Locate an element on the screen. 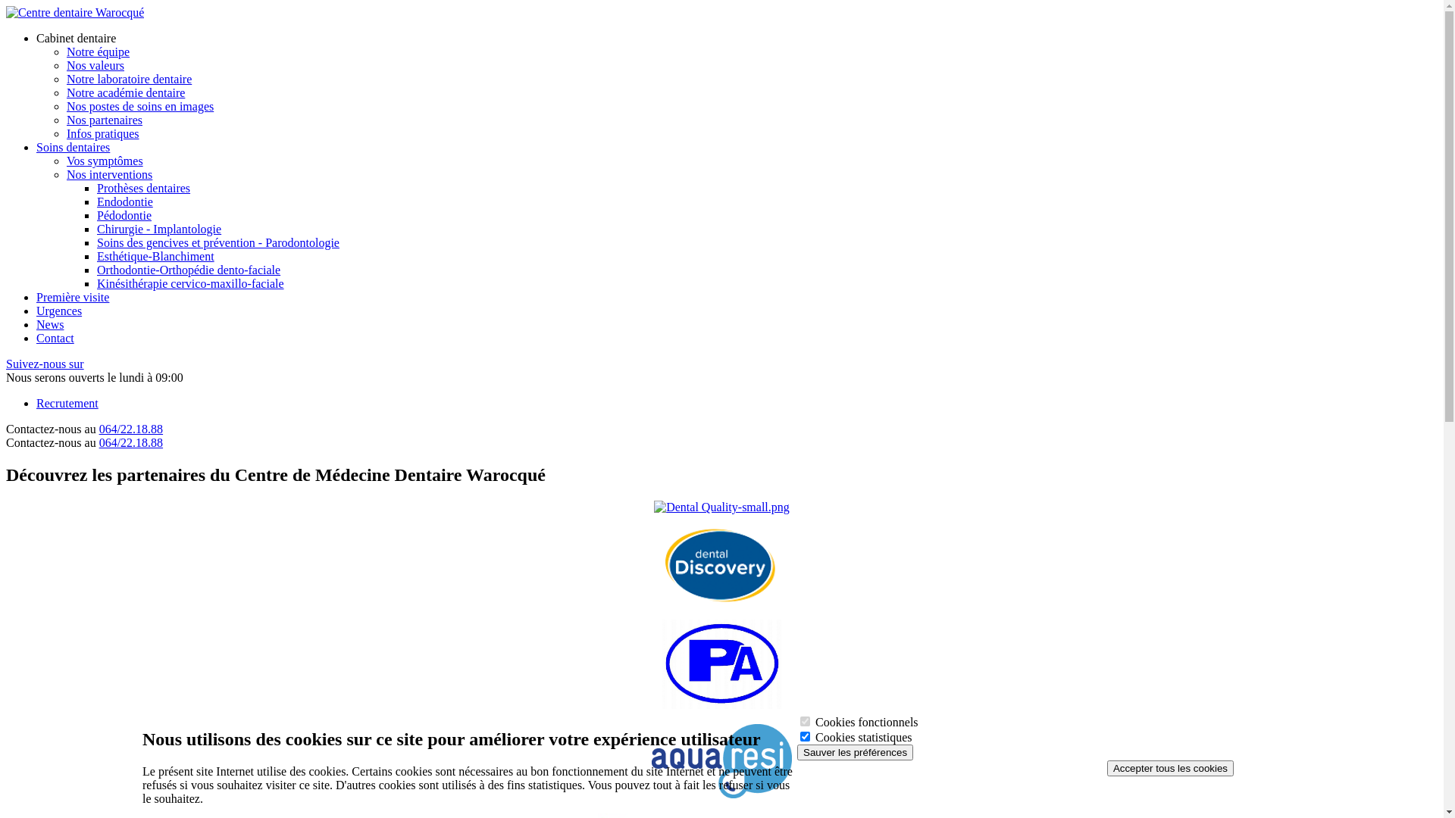  'Nos postes de soins en images' is located at coordinates (140, 105).